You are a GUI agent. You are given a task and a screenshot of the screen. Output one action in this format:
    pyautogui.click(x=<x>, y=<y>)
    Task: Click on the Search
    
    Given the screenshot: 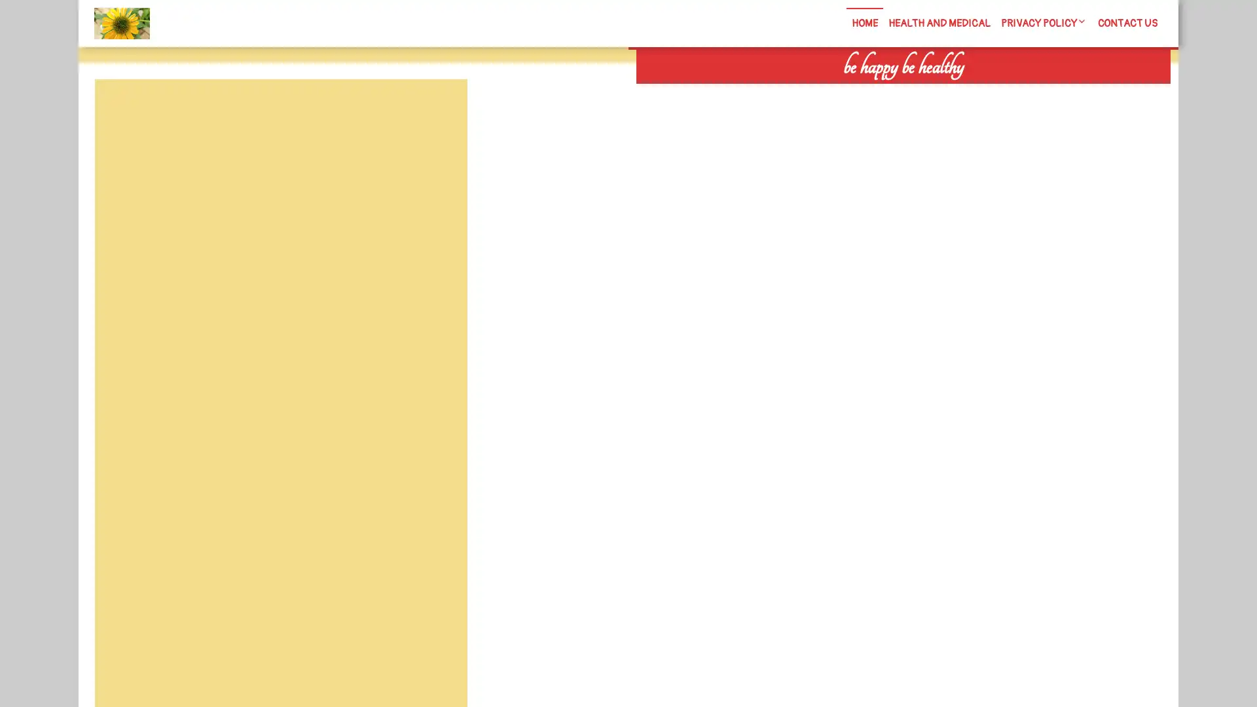 What is the action you would take?
    pyautogui.click(x=437, y=110)
    